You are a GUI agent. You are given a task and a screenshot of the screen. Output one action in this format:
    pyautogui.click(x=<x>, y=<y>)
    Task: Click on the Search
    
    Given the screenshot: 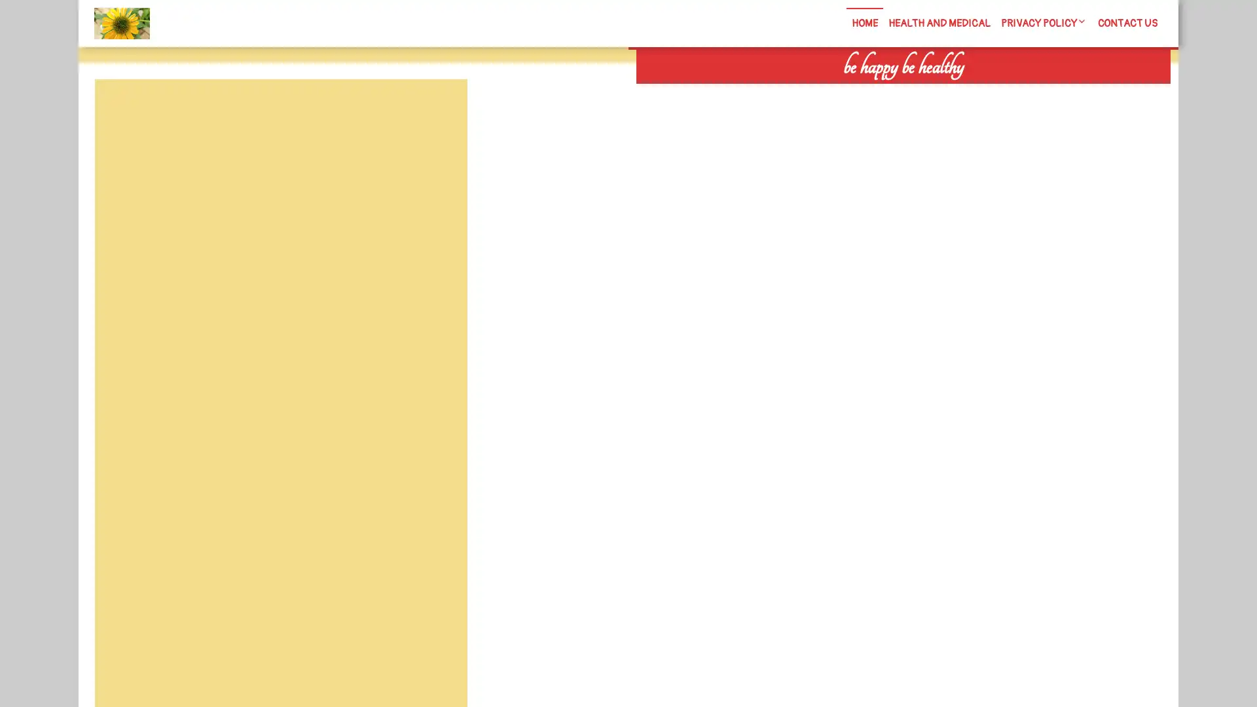 What is the action you would take?
    pyautogui.click(x=437, y=110)
    